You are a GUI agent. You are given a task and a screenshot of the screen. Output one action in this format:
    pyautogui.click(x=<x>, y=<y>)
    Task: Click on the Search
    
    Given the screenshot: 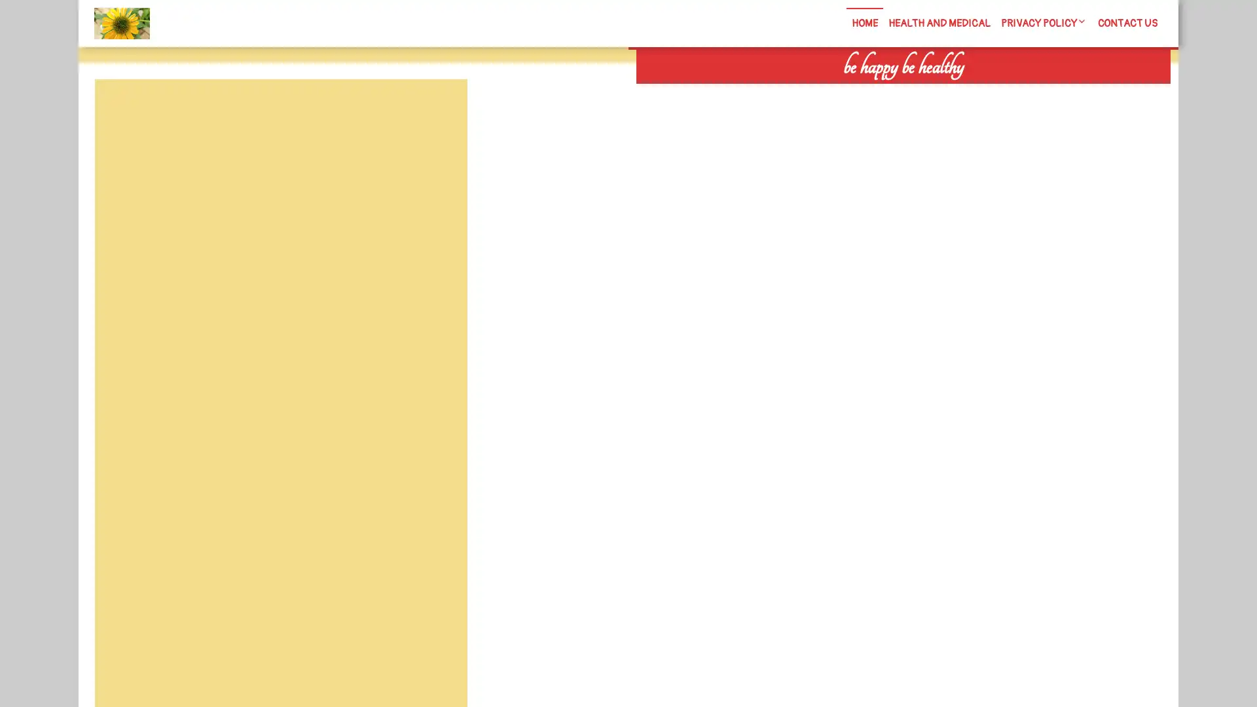 What is the action you would take?
    pyautogui.click(x=437, y=110)
    